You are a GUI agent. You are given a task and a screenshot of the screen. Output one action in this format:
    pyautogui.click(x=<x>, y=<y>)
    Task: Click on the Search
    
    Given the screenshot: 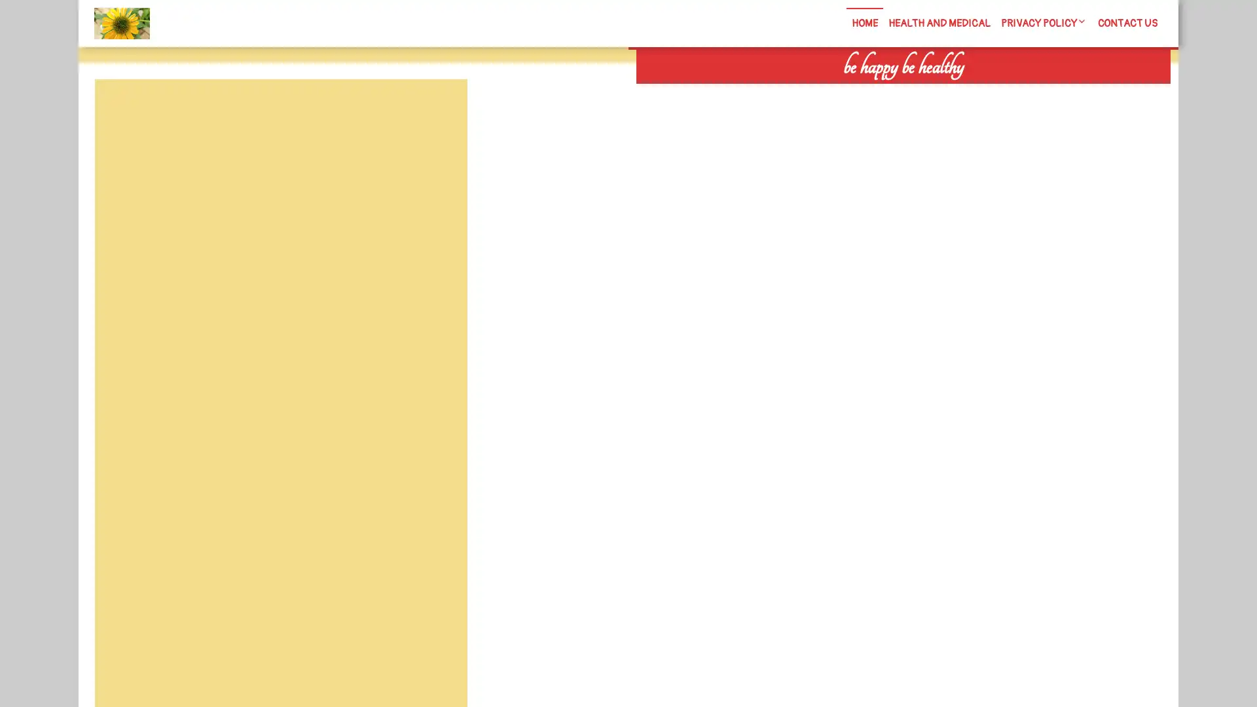 What is the action you would take?
    pyautogui.click(x=437, y=110)
    